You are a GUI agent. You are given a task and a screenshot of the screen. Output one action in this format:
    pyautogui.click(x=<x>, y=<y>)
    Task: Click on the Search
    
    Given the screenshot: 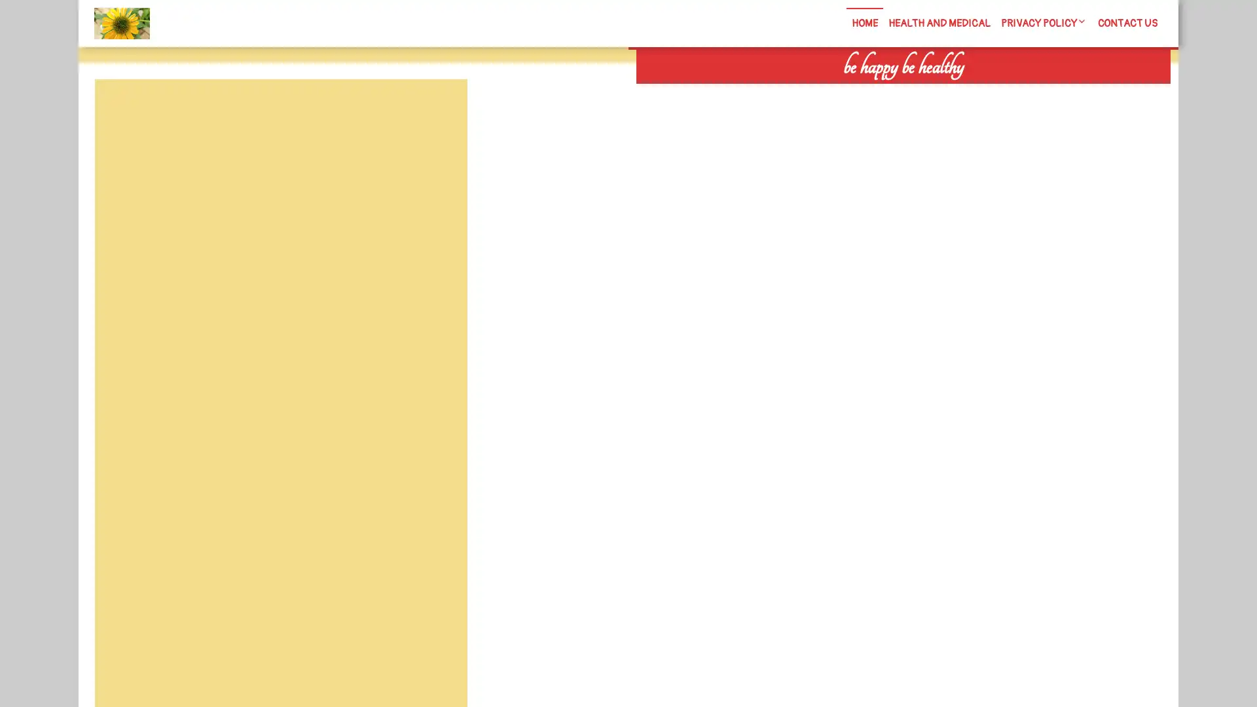 What is the action you would take?
    pyautogui.click(x=437, y=110)
    